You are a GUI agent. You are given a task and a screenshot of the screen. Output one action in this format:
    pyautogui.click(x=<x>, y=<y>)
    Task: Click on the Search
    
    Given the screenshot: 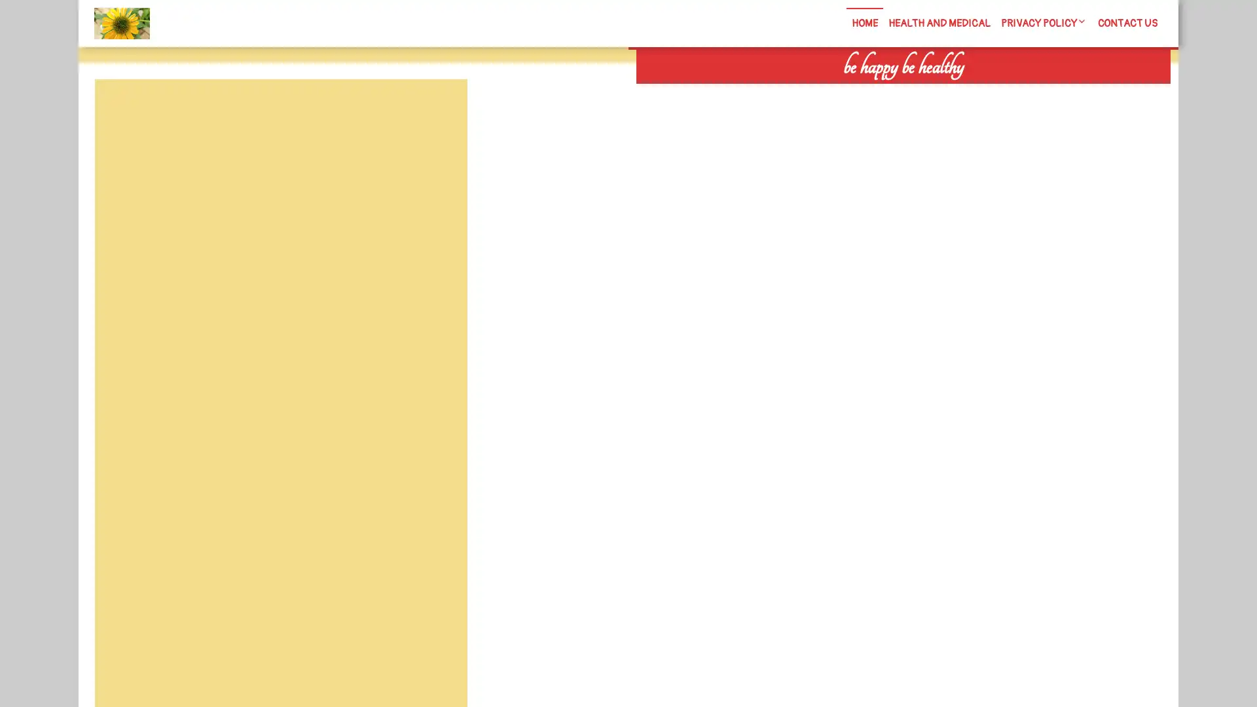 What is the action you would take?
    pyautogui.click(x=437, y=110)
    